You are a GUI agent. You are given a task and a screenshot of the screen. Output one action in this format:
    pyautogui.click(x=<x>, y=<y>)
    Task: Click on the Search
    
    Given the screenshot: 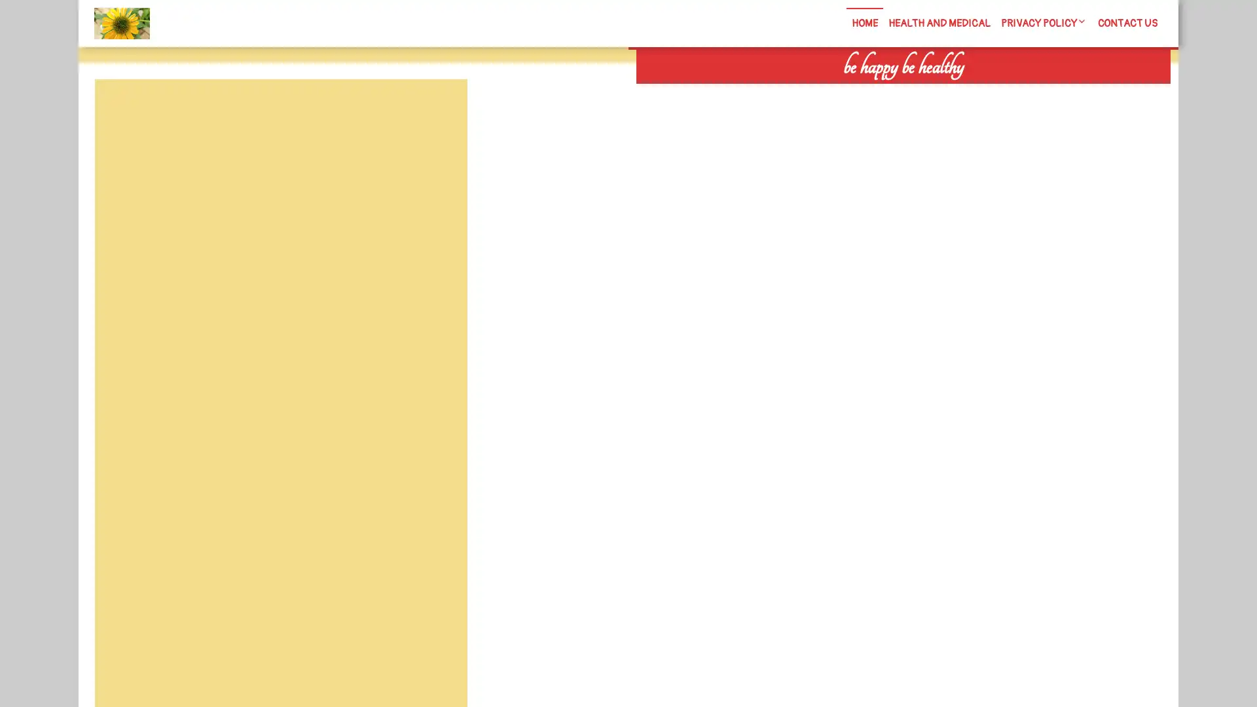 What is the action you would take?
    pyautogui.click(x=437, y=110)
    